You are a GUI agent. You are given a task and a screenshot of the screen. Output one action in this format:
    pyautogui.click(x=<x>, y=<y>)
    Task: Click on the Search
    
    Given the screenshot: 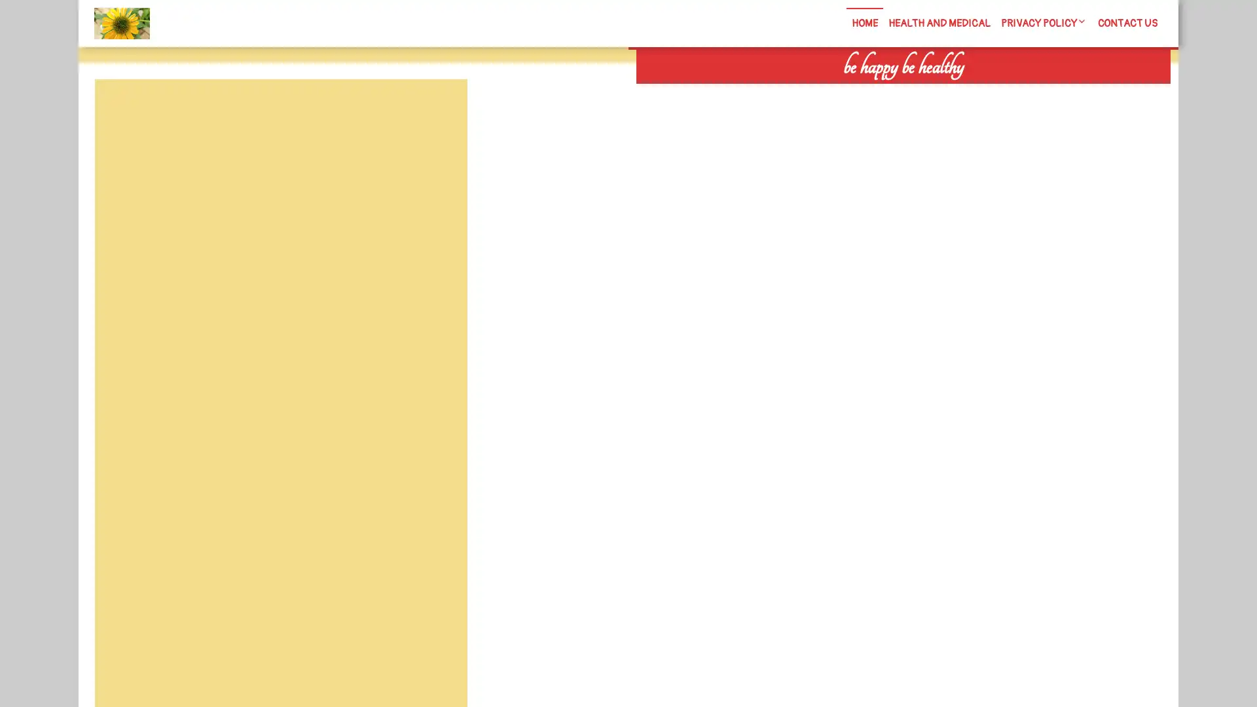 What is the action you would take?
    pyautogui.click(x=437, y=110)
    